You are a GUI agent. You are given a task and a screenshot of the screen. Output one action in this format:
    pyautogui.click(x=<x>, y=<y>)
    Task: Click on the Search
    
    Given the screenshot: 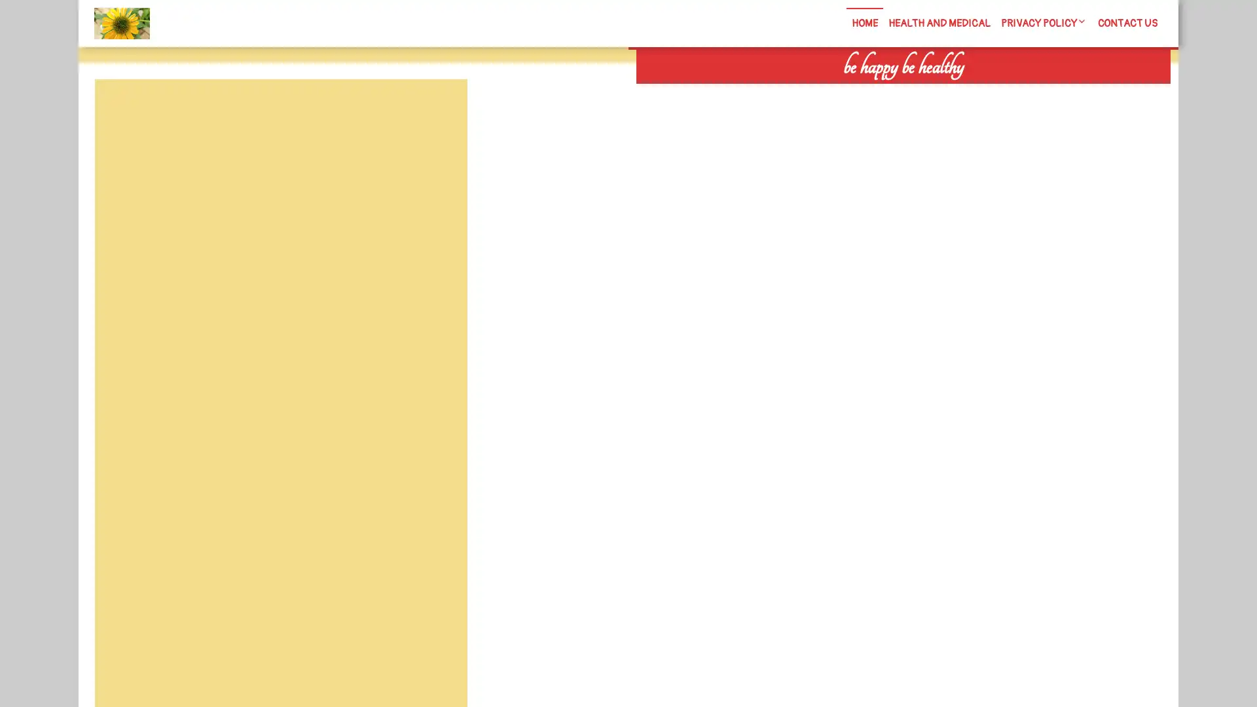 What is the action you would take?
    pyautogui.click(x=437, y=110)
    